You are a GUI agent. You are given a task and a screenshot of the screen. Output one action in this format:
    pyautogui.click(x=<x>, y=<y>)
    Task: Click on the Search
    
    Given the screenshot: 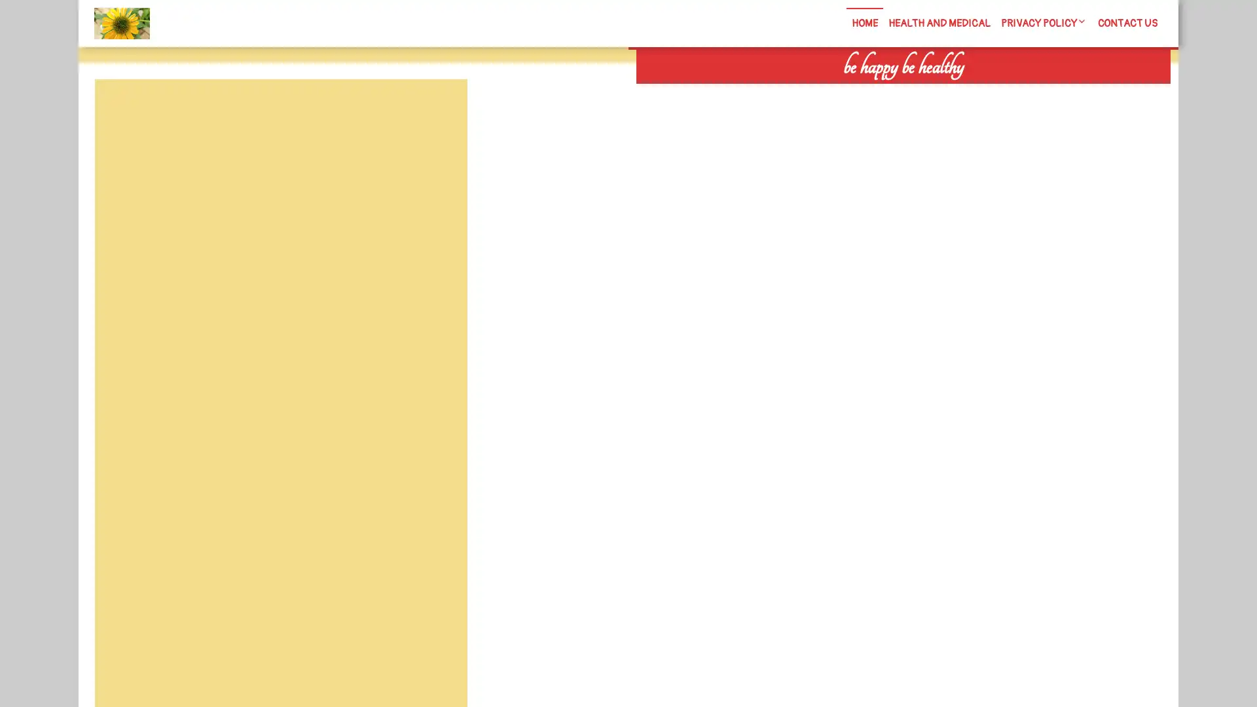 What is the action you would take?
    pyautogui.click(x=437, y=110)
    